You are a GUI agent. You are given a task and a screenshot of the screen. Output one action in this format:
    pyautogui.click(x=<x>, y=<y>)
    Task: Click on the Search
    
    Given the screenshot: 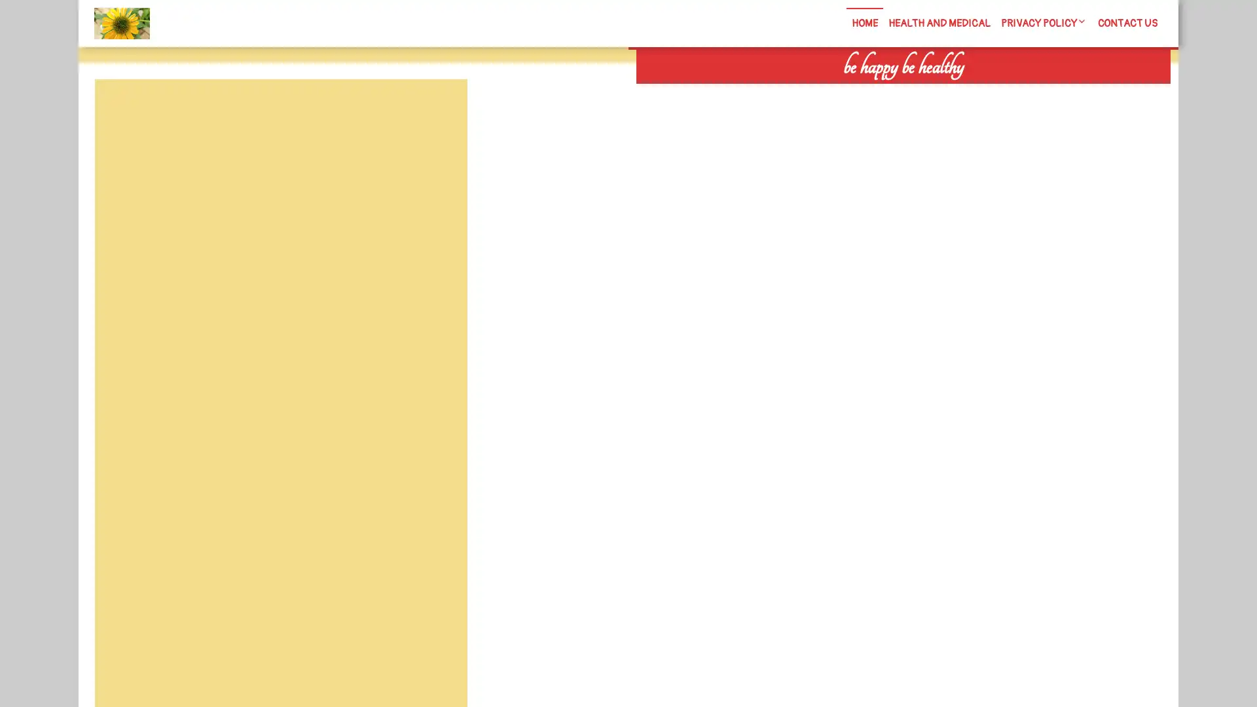 What is the action you would take?
    pyautogui.click(x=437, y=110)
    